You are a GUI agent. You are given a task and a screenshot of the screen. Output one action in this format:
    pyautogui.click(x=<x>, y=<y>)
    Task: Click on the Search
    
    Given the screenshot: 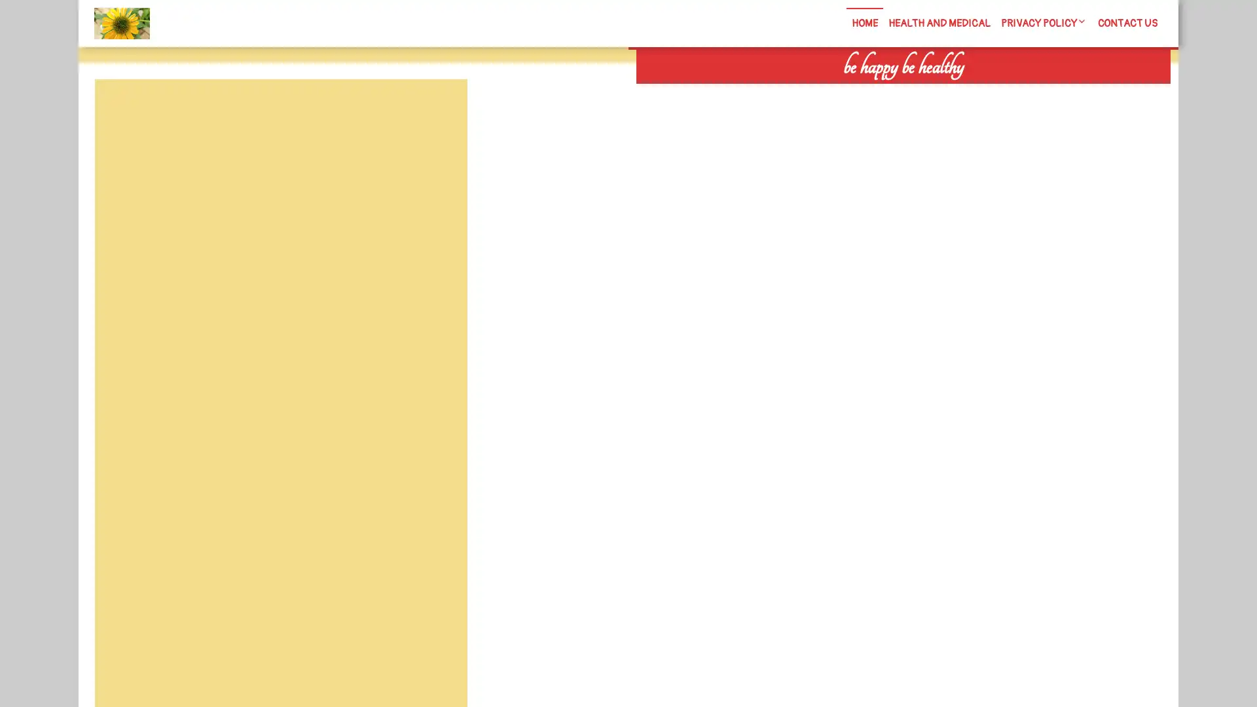 What is the action you would take?
    pyautogui.click(x=437, y=110)
    